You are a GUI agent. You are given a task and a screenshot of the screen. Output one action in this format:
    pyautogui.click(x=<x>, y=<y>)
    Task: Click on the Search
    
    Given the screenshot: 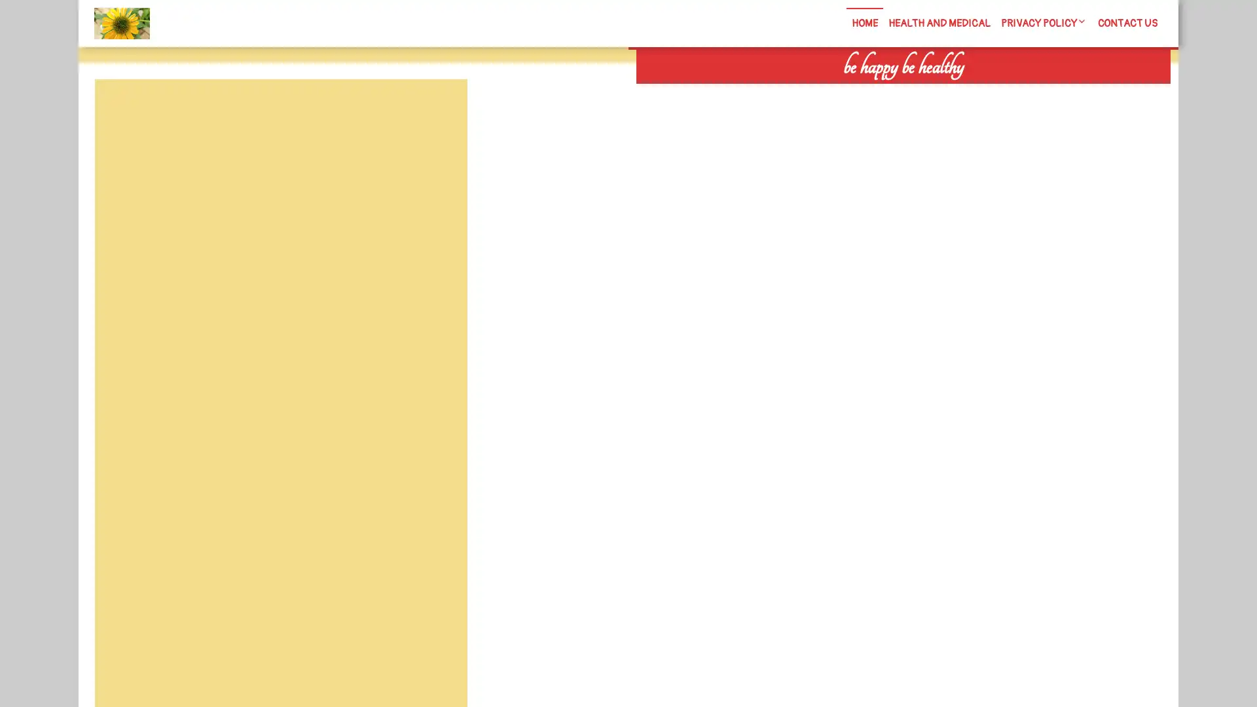 What is the action you would take?
    pyautogui.click(x=437, y=110)
    